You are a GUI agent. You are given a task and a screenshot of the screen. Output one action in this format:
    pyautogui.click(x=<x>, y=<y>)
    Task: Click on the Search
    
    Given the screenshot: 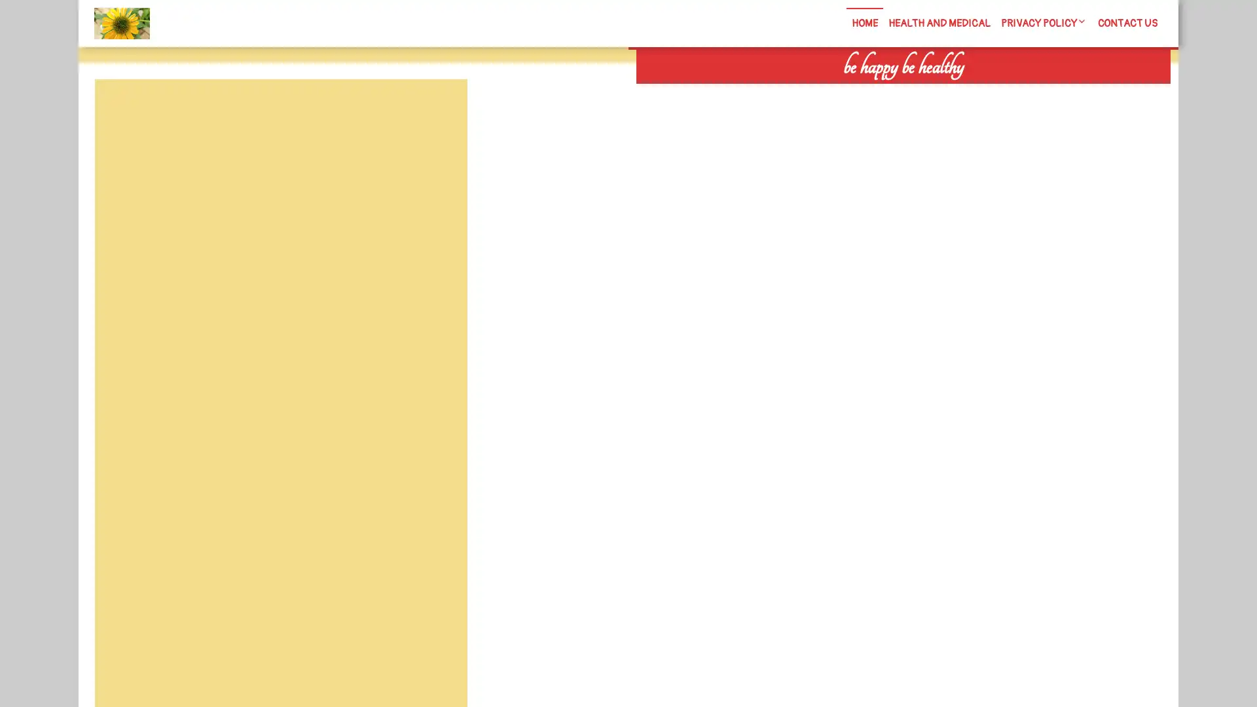 What is the action you would take?
    pyautogui.click(x=437, y=110)
    